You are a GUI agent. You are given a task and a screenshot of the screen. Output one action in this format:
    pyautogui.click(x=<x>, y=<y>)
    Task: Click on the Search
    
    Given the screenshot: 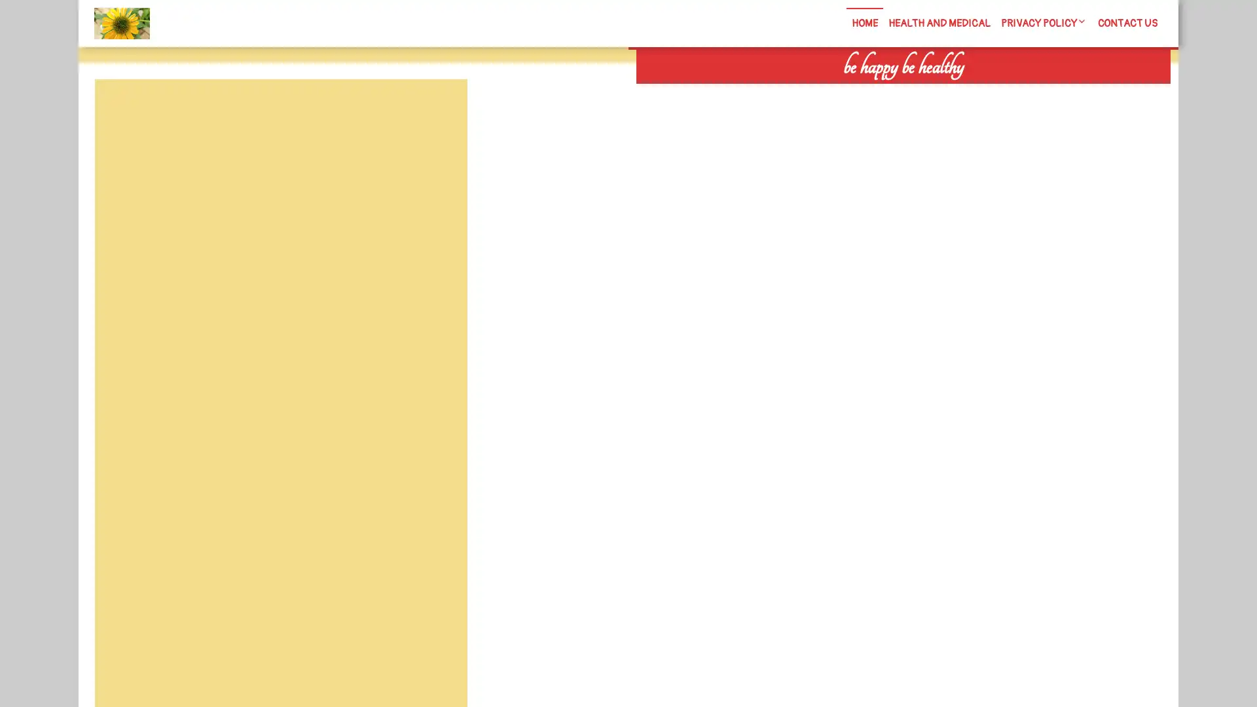 What is the action you would take?
    pyautogui.click(x=437, y=110)
    